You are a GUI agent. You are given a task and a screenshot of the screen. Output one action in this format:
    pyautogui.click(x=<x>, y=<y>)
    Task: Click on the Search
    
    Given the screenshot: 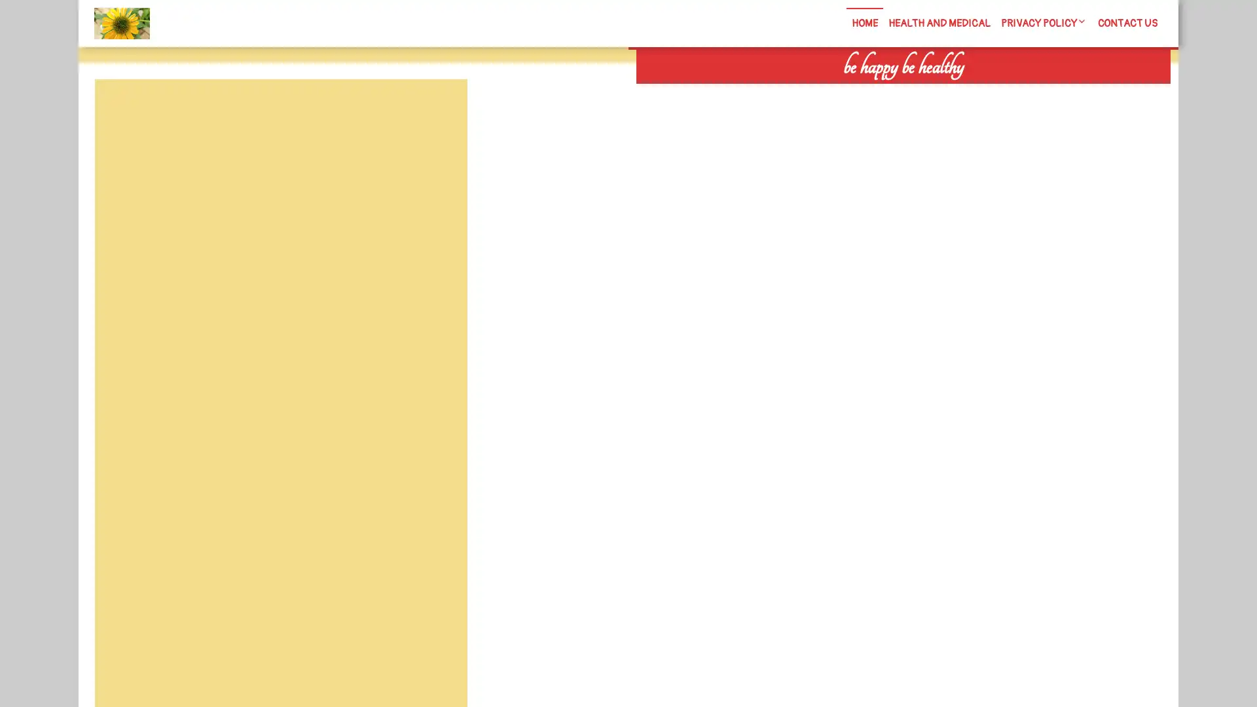 What is the action you would take?
    pyautogui.click(x=437, y=110)
    